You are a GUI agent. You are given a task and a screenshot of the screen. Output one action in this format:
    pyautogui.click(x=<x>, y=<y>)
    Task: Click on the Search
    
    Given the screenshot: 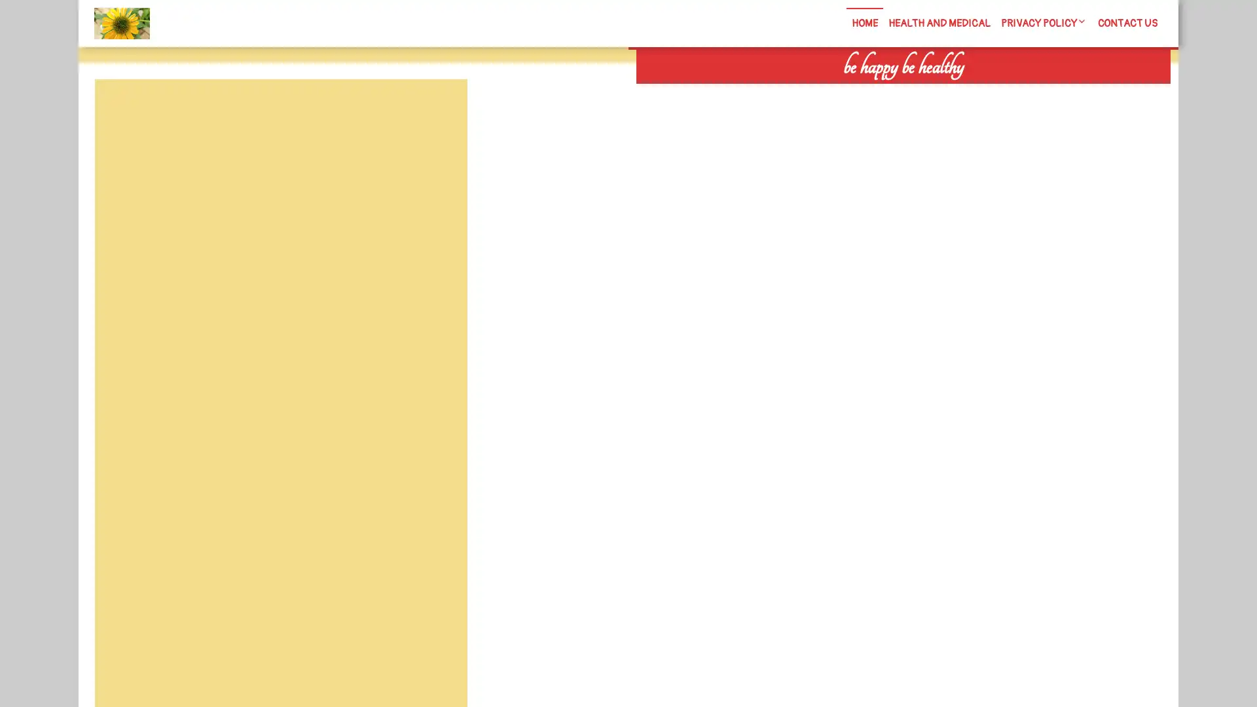 What is the action you would take?
    pyautogui.click(x=437, y=110)
    